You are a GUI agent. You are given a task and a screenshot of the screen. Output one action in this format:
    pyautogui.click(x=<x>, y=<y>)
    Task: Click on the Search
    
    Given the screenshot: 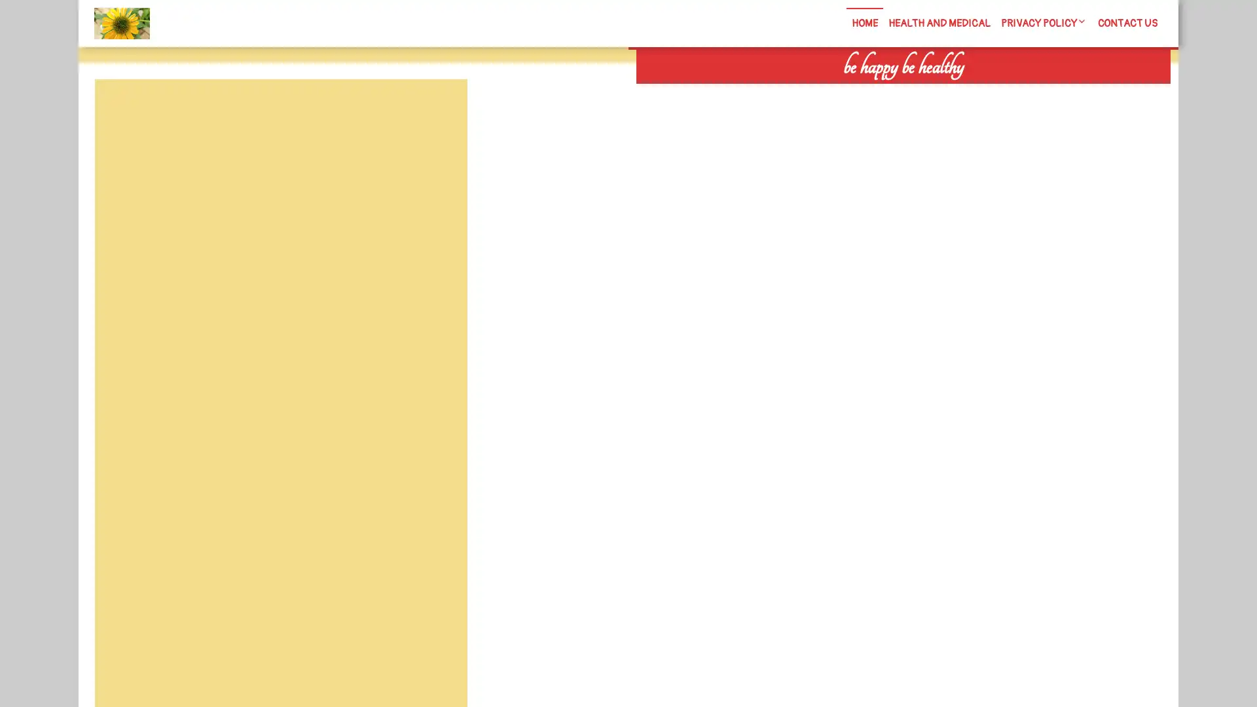 What is the action you would take?
    pyautogui.click(x=437, y=110)
    